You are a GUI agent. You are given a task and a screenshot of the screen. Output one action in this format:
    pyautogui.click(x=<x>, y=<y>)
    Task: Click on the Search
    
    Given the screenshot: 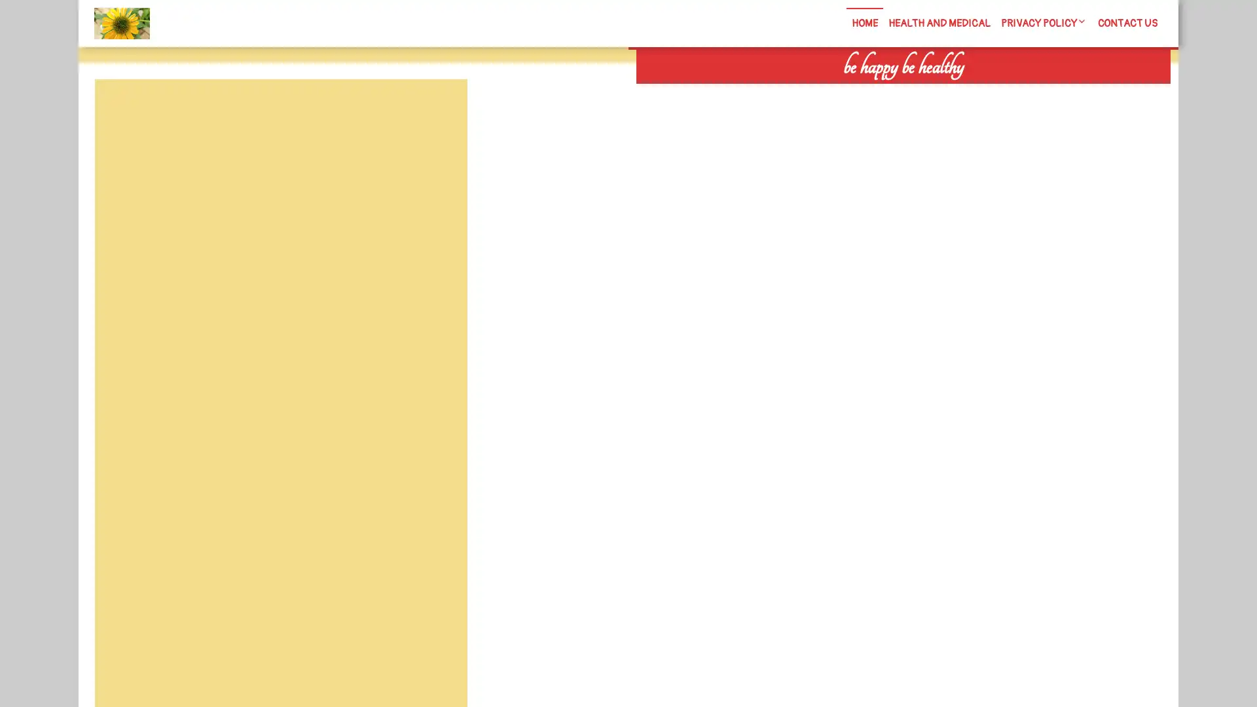 What is the action you would take?
    pyautogui.click(x=437, y=110)
    